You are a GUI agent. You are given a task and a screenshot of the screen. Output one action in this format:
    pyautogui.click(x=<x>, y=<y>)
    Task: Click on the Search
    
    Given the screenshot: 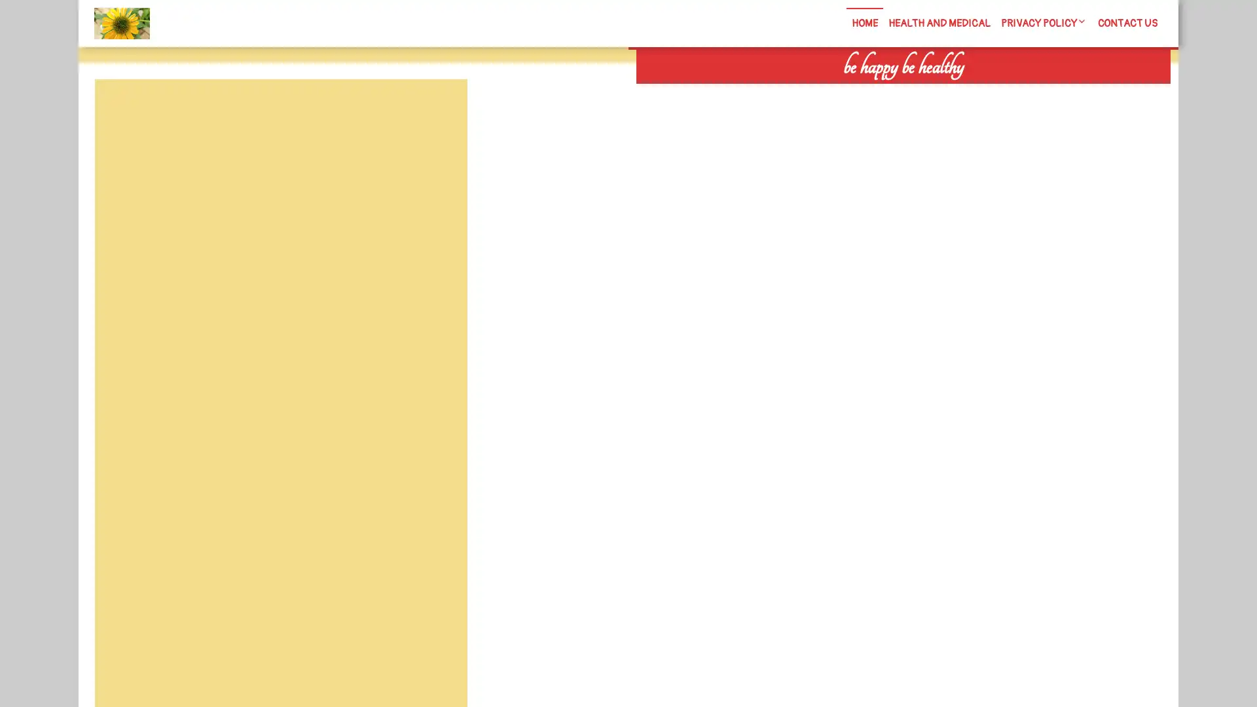 What is the action you would take?
    pyautogui.click(x=437, y=110)
    